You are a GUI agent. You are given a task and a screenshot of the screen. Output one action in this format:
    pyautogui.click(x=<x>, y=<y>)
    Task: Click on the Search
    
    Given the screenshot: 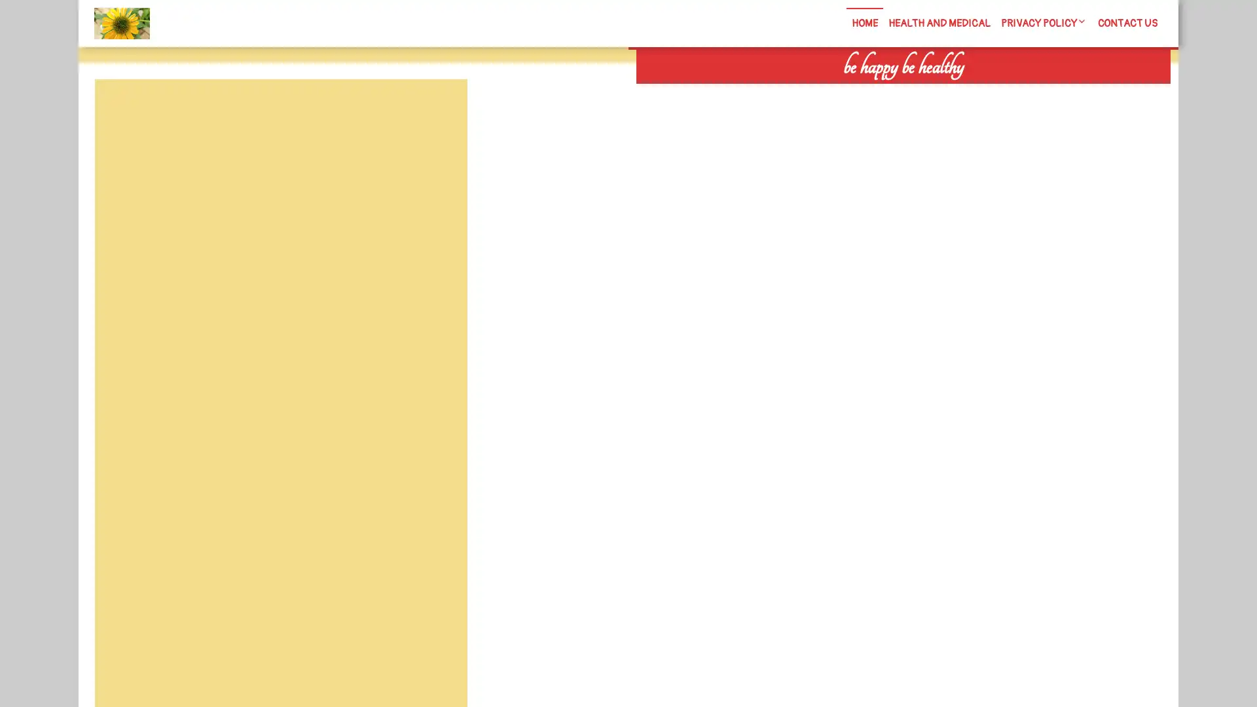 What is the action you would take?
    pyautogui.click(x=437, y=110)
    